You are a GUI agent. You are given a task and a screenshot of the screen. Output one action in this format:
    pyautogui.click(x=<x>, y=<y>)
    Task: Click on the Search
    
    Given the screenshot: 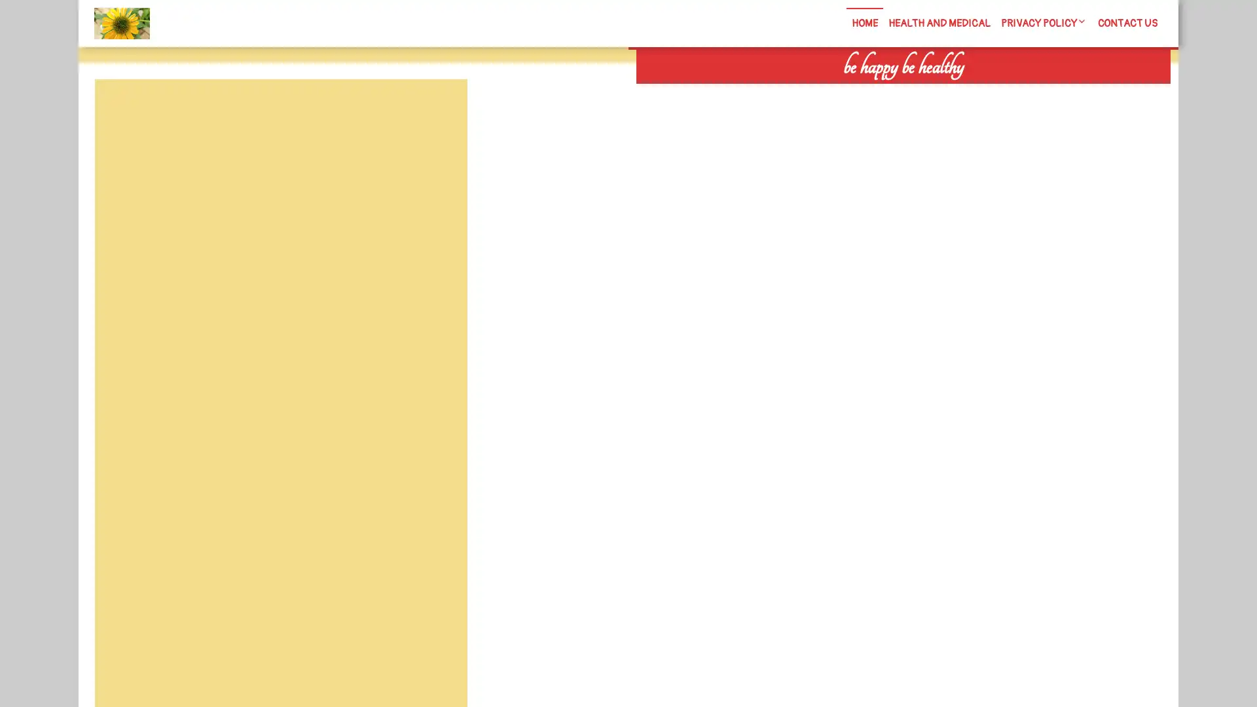 What is the action you would take?
    pyautogui.click(x=437, y=110)
    